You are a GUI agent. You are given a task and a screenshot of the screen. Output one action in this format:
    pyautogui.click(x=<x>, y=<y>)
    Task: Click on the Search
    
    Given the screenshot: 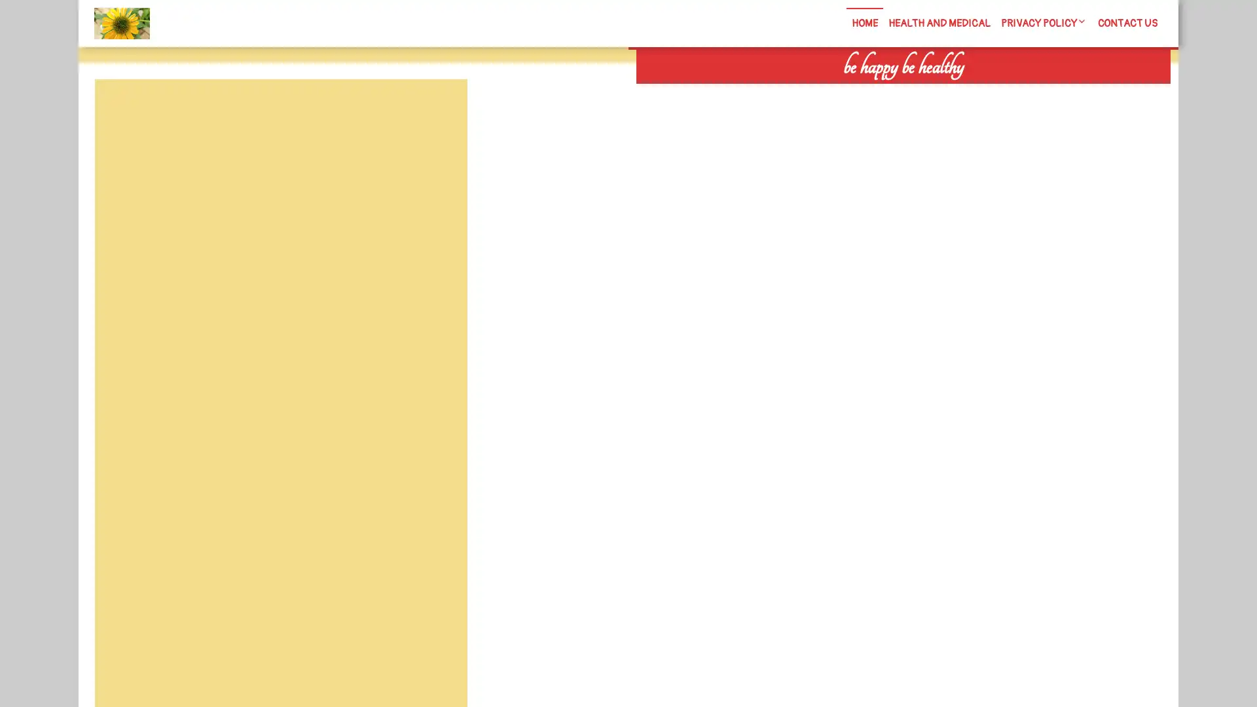 What is the action you would take?
    pyautogui.click(x=437, y=110)
    